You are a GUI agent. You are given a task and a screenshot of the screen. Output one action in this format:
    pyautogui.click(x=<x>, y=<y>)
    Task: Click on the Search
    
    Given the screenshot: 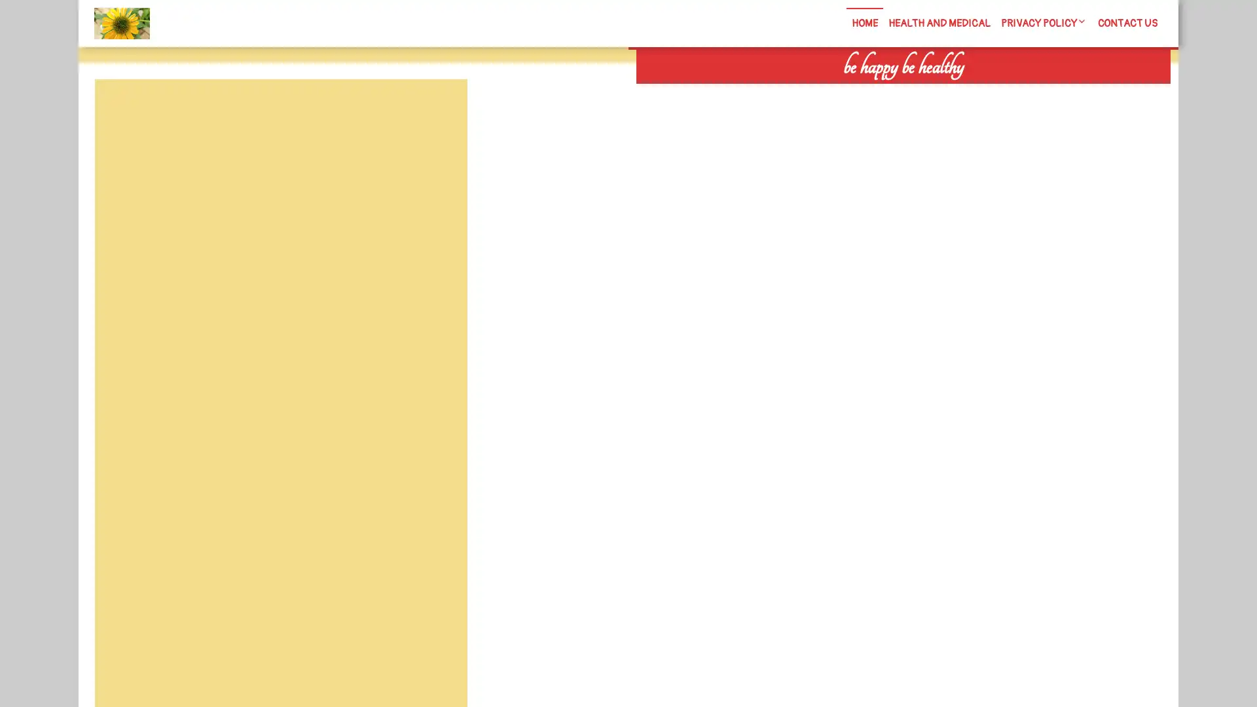 What is the action you would take?
    pyautogui.click(x=437, y=110)
    